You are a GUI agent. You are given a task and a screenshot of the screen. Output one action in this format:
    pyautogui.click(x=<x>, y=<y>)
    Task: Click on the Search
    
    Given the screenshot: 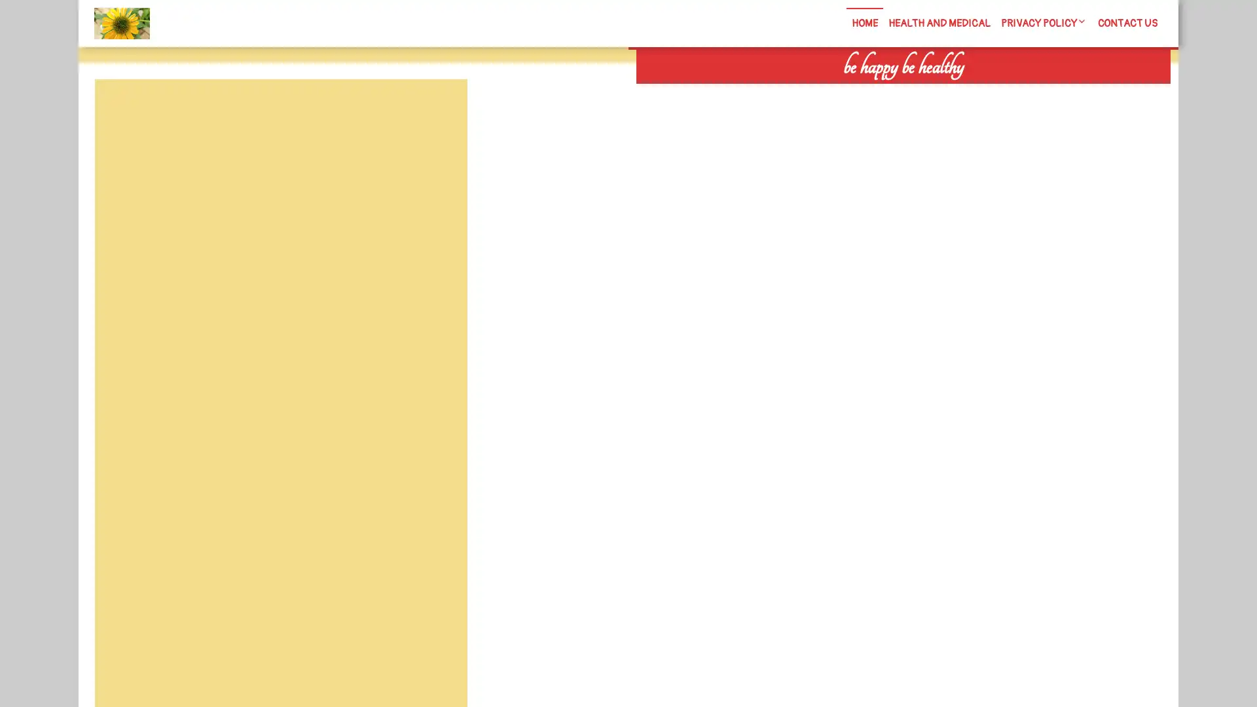 What is the action you would take?
    pyautogui.click(x=437, y=110)
    